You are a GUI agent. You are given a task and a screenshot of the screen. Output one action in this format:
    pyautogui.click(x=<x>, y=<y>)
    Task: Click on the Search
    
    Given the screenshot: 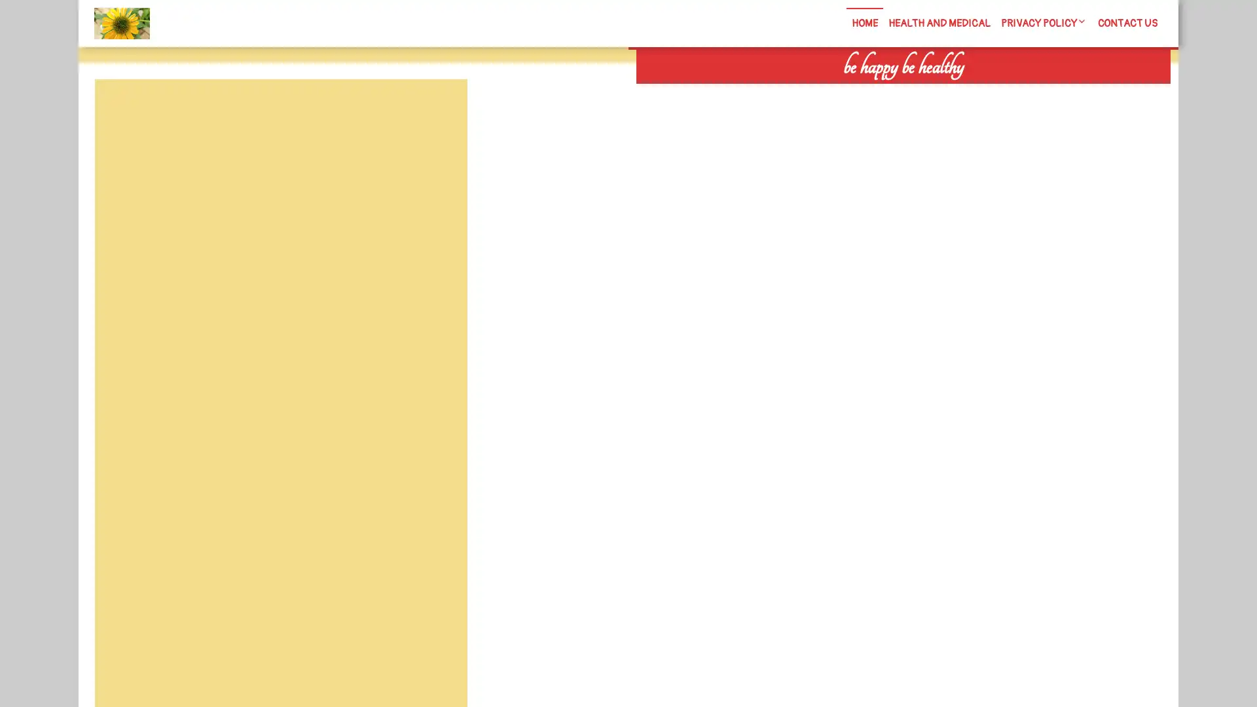 What is the action you would take?
    pyautogui.click(x=437, y=110)
    